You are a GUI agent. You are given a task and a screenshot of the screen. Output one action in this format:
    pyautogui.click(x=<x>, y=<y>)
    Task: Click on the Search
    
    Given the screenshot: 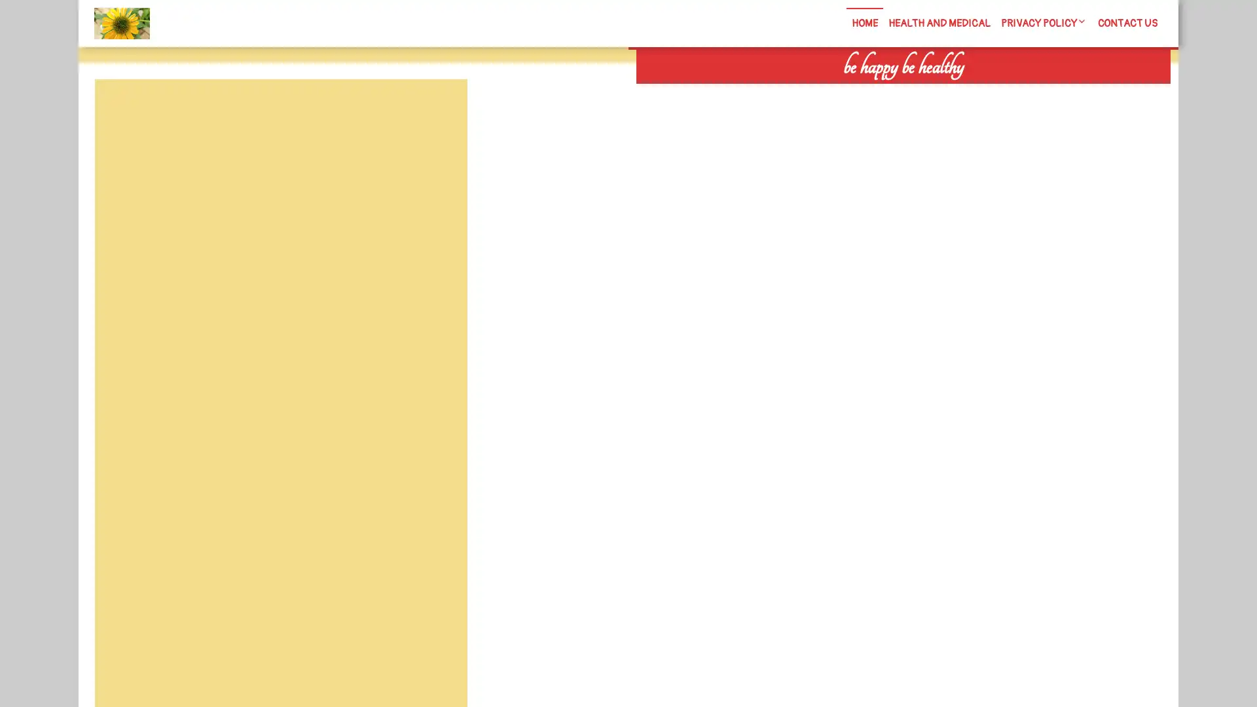 What is the action you would take?
    pyautogui.click(x=437, y=110)
    